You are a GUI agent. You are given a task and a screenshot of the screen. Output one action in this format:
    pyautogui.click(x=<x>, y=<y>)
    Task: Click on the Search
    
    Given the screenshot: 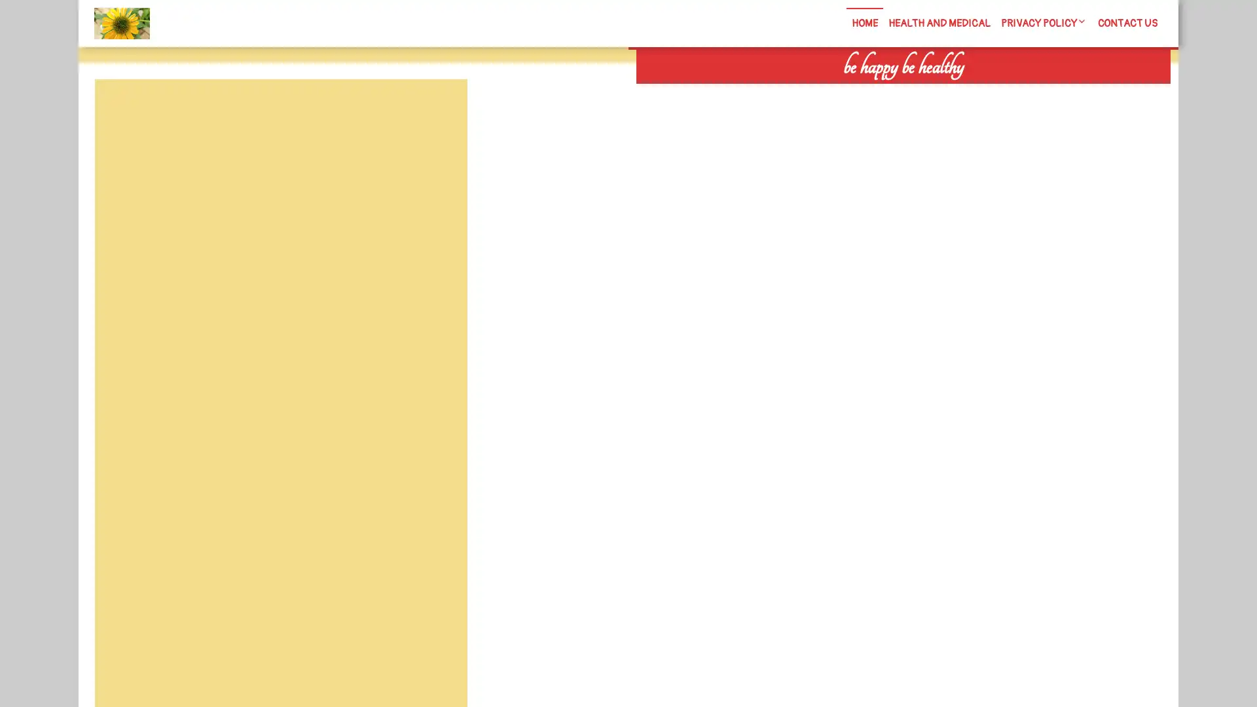 What is the action you would take?
    pyautogui.click(x=437, y=110)
    